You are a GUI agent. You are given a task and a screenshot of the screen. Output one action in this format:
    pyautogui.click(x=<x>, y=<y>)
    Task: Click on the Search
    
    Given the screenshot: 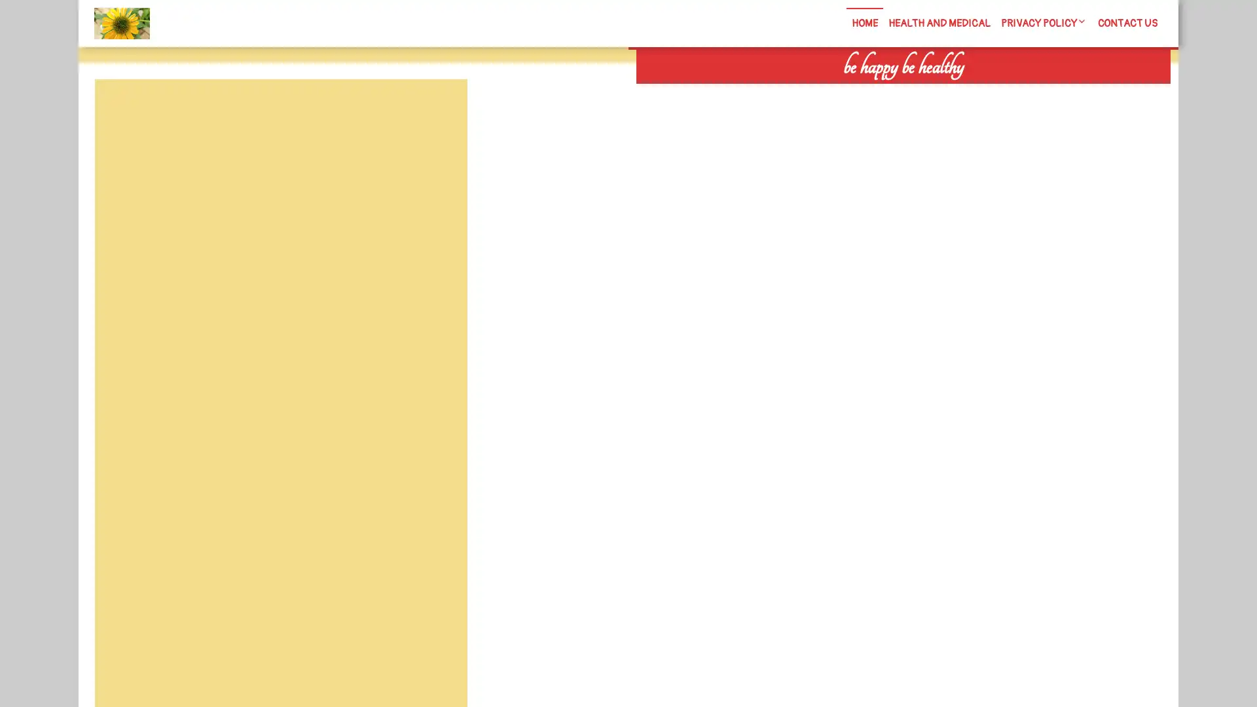 What is the action you would take?
    pyautogui.click(x=437, y=110)
    